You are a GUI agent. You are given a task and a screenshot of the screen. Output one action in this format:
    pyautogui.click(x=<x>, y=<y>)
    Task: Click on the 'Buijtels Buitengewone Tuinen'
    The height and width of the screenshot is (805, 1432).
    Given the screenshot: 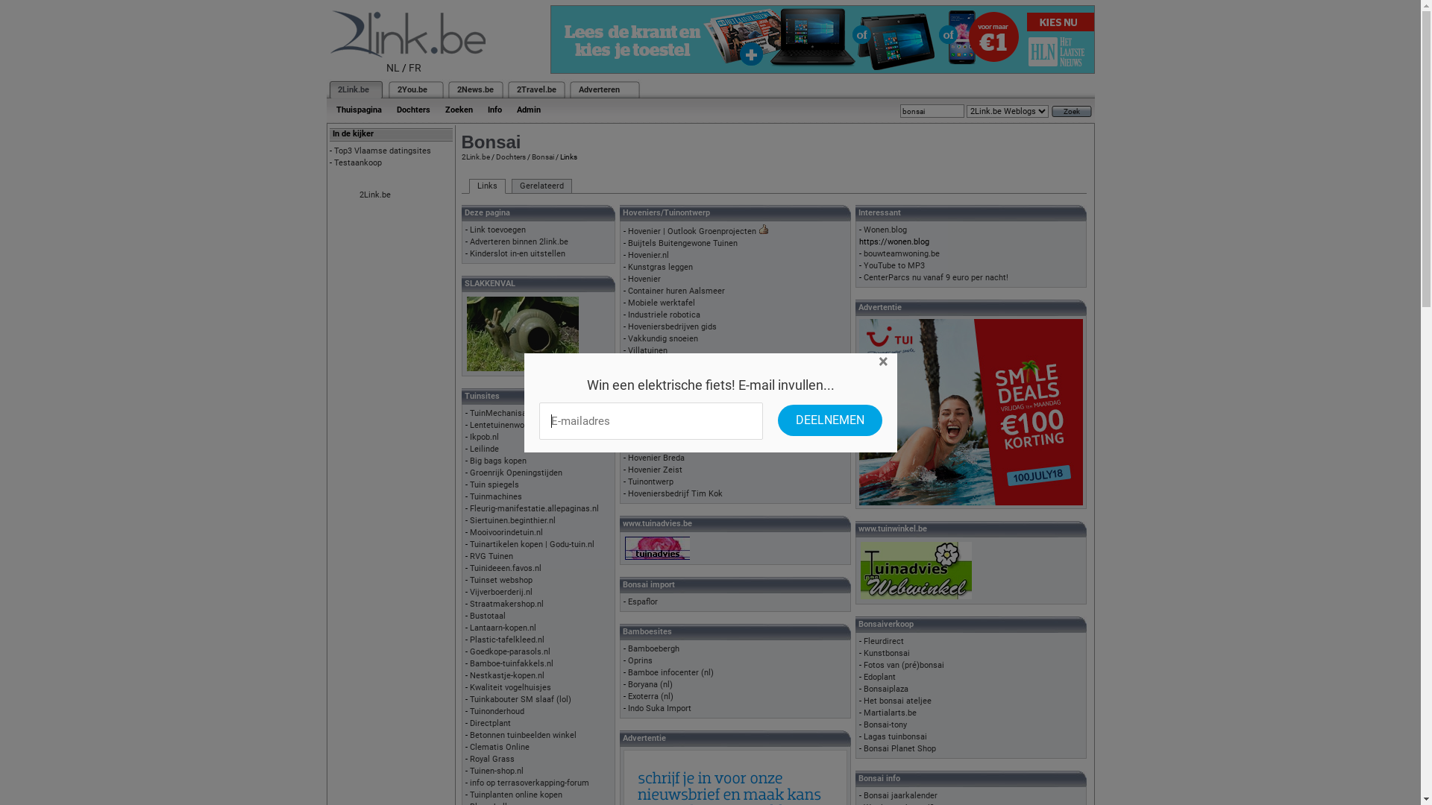 What is the action you would take?
    pyautogui.click(x=682, y=242)
    